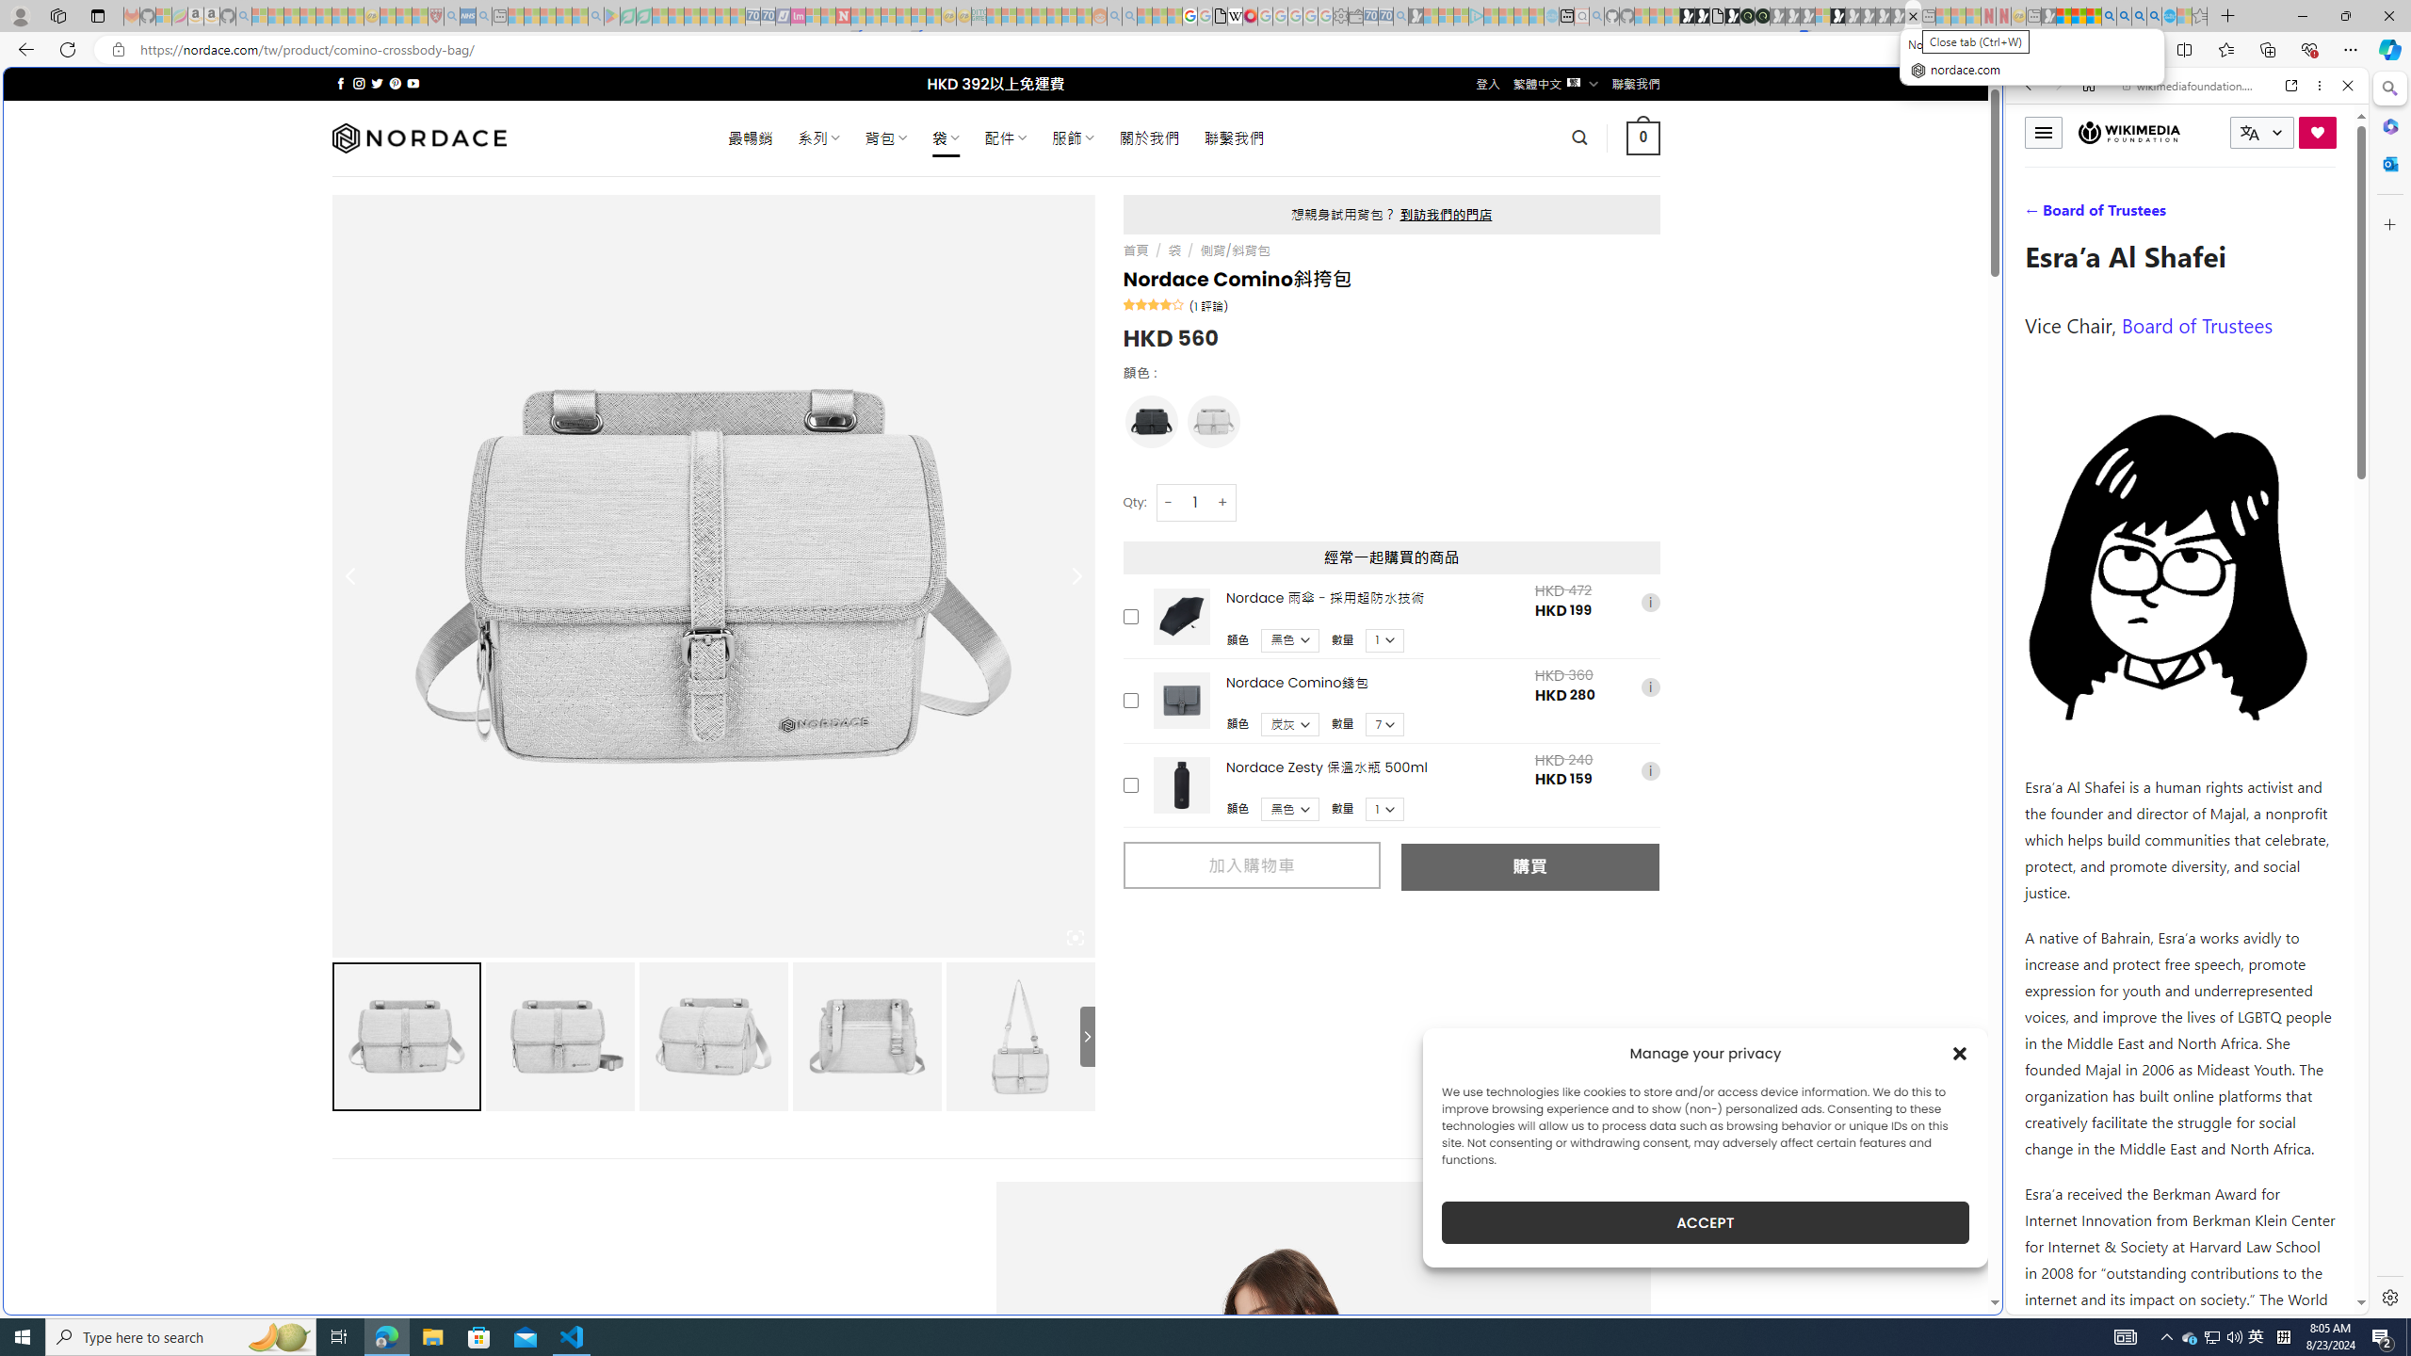 This screenshot has height=1356, width=2411. I want to click on 'github - Search - Sleeping', so click(1596, 15).